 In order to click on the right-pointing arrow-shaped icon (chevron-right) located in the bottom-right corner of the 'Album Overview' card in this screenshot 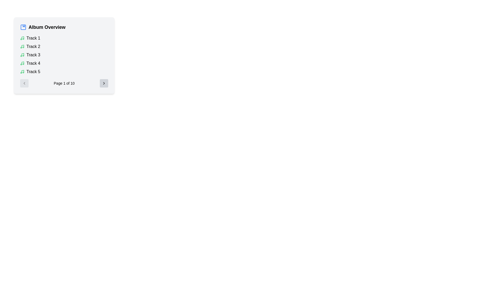, I will do `click(104, 83)`.